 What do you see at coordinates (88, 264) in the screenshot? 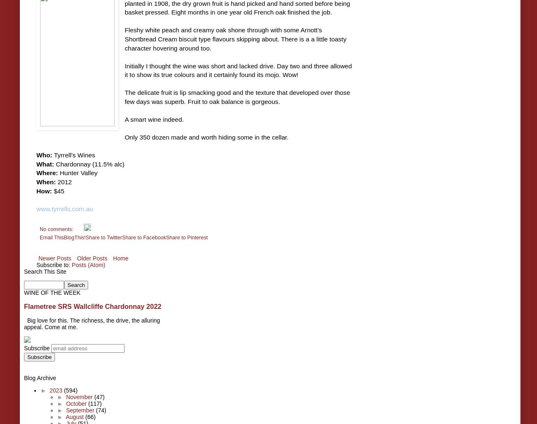
I see `'Posts (Atom)'` at bounding box center [88, 264].